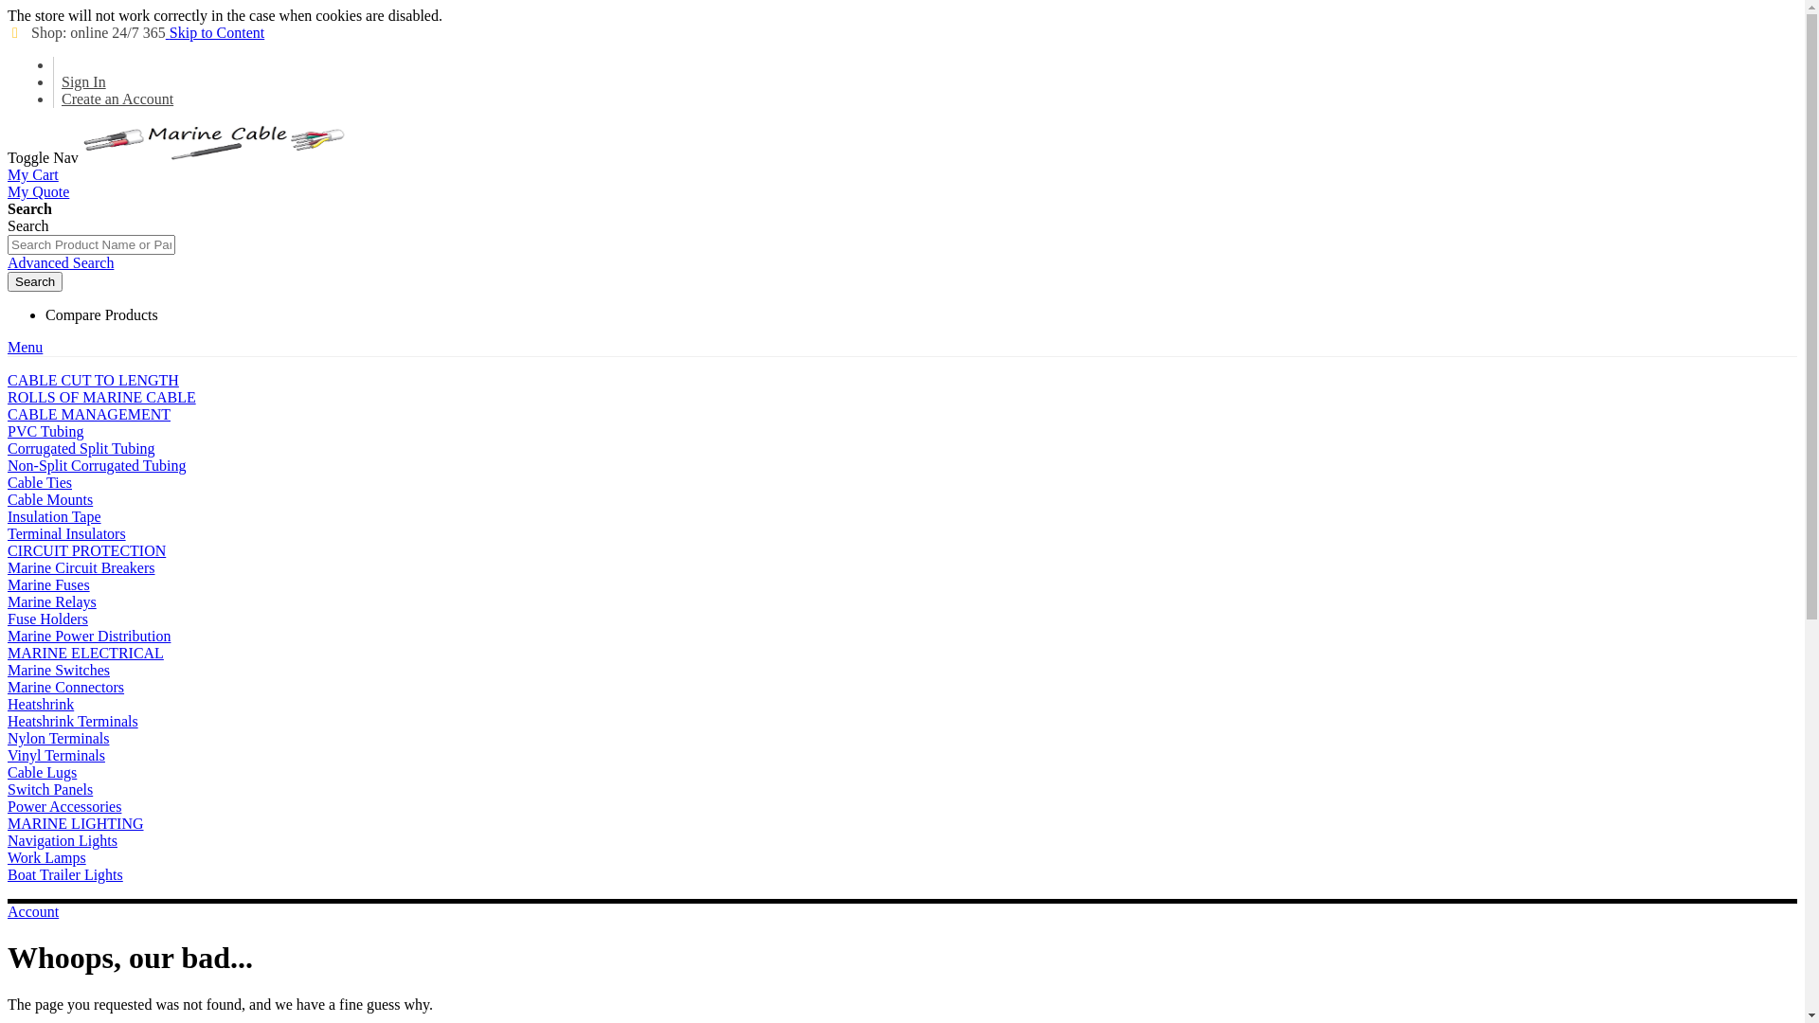 The height and width of the screenshot is (1023, 1819). I want to click on 'Marine Connectors', so click(8, 687).